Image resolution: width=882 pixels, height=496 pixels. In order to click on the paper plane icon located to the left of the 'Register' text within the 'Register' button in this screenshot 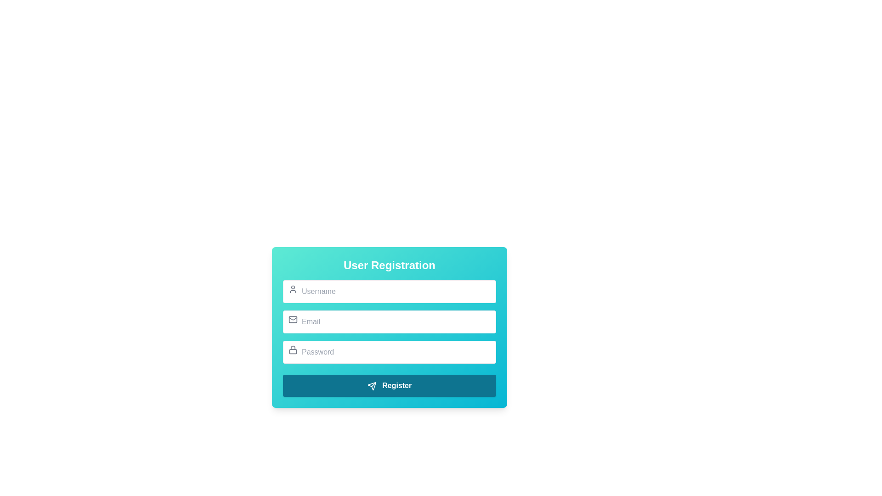, I will do `click(372, 386)`.